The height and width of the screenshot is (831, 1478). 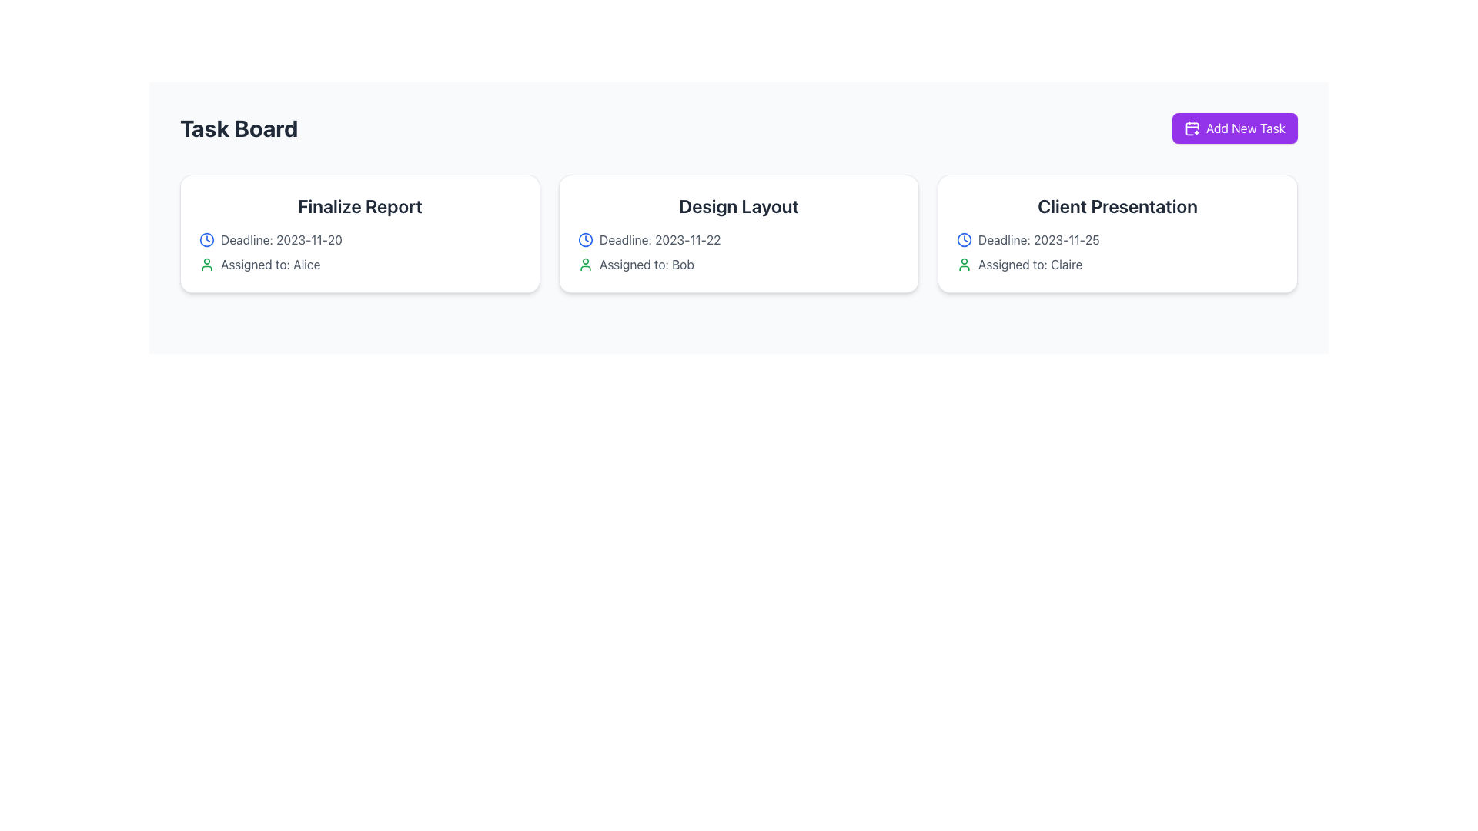 I want to click on the Text Label that indicates the deadline date for the task, located within the 'Finalize Report' card, to the right of the clock icon, so click(x=281, y=240).